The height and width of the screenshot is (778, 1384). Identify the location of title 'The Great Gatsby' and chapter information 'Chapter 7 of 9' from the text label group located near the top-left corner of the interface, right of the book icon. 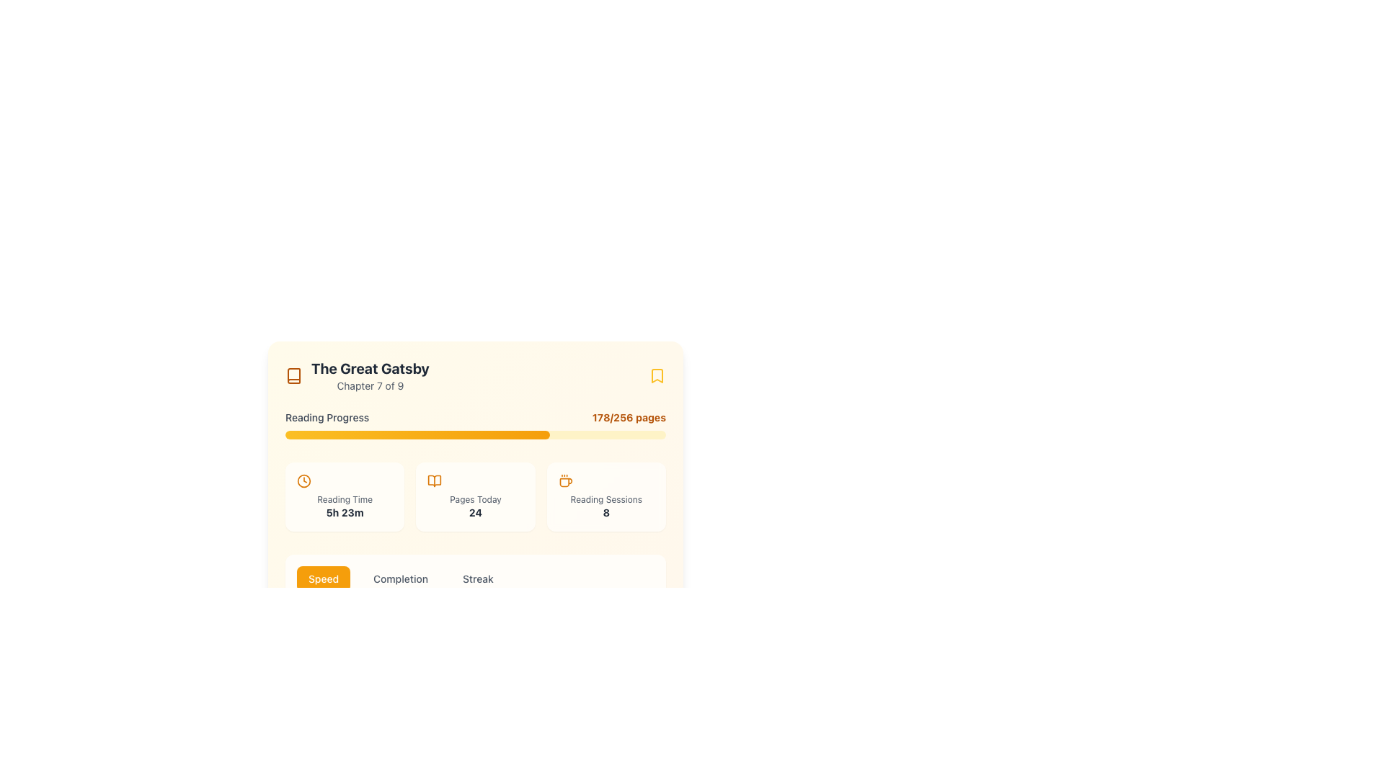
(370, 375).